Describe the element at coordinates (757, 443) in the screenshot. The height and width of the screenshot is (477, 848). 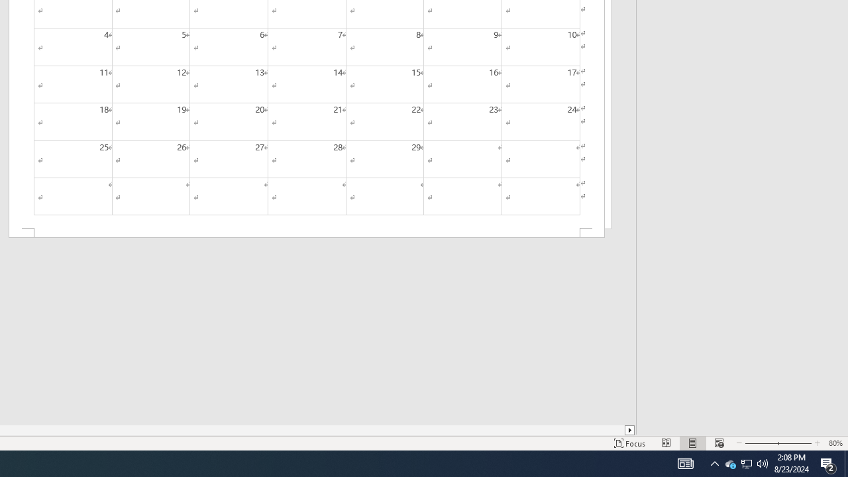
I see `'Zoom Out'` at that location.